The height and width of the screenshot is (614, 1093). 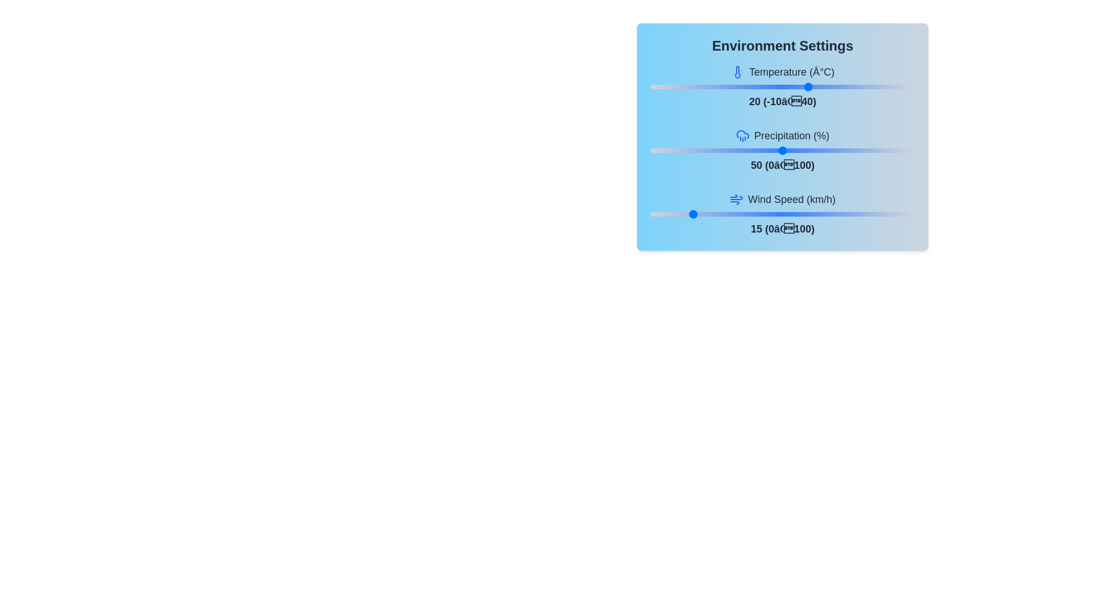 What do you see at coordinates (737, 72) in the screenshot?
I see `the temperature icon located in the top-left corner of the 'Temperature (°C)' group within the 'Environment Settings' panel` at bounding box center [737, 72].